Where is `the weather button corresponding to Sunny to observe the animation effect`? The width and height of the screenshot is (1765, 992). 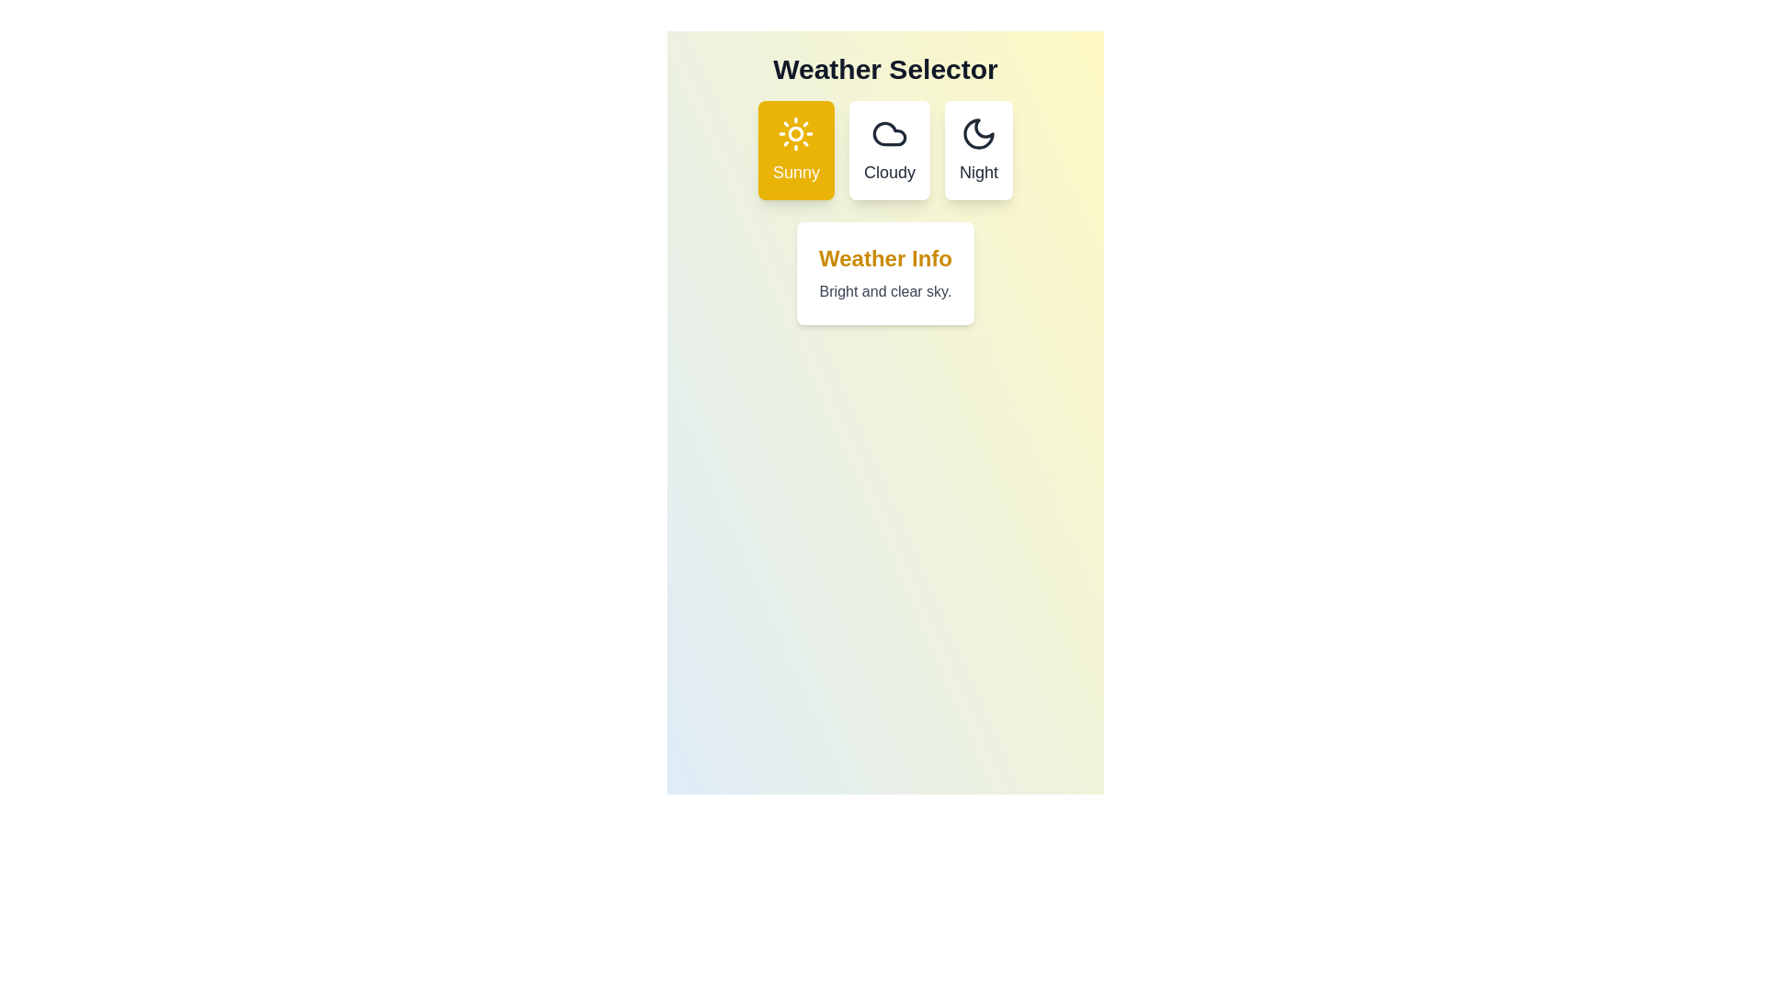 the weather button corresponding to Sunny to observe the animation effect is located at coordinates (796, 150).